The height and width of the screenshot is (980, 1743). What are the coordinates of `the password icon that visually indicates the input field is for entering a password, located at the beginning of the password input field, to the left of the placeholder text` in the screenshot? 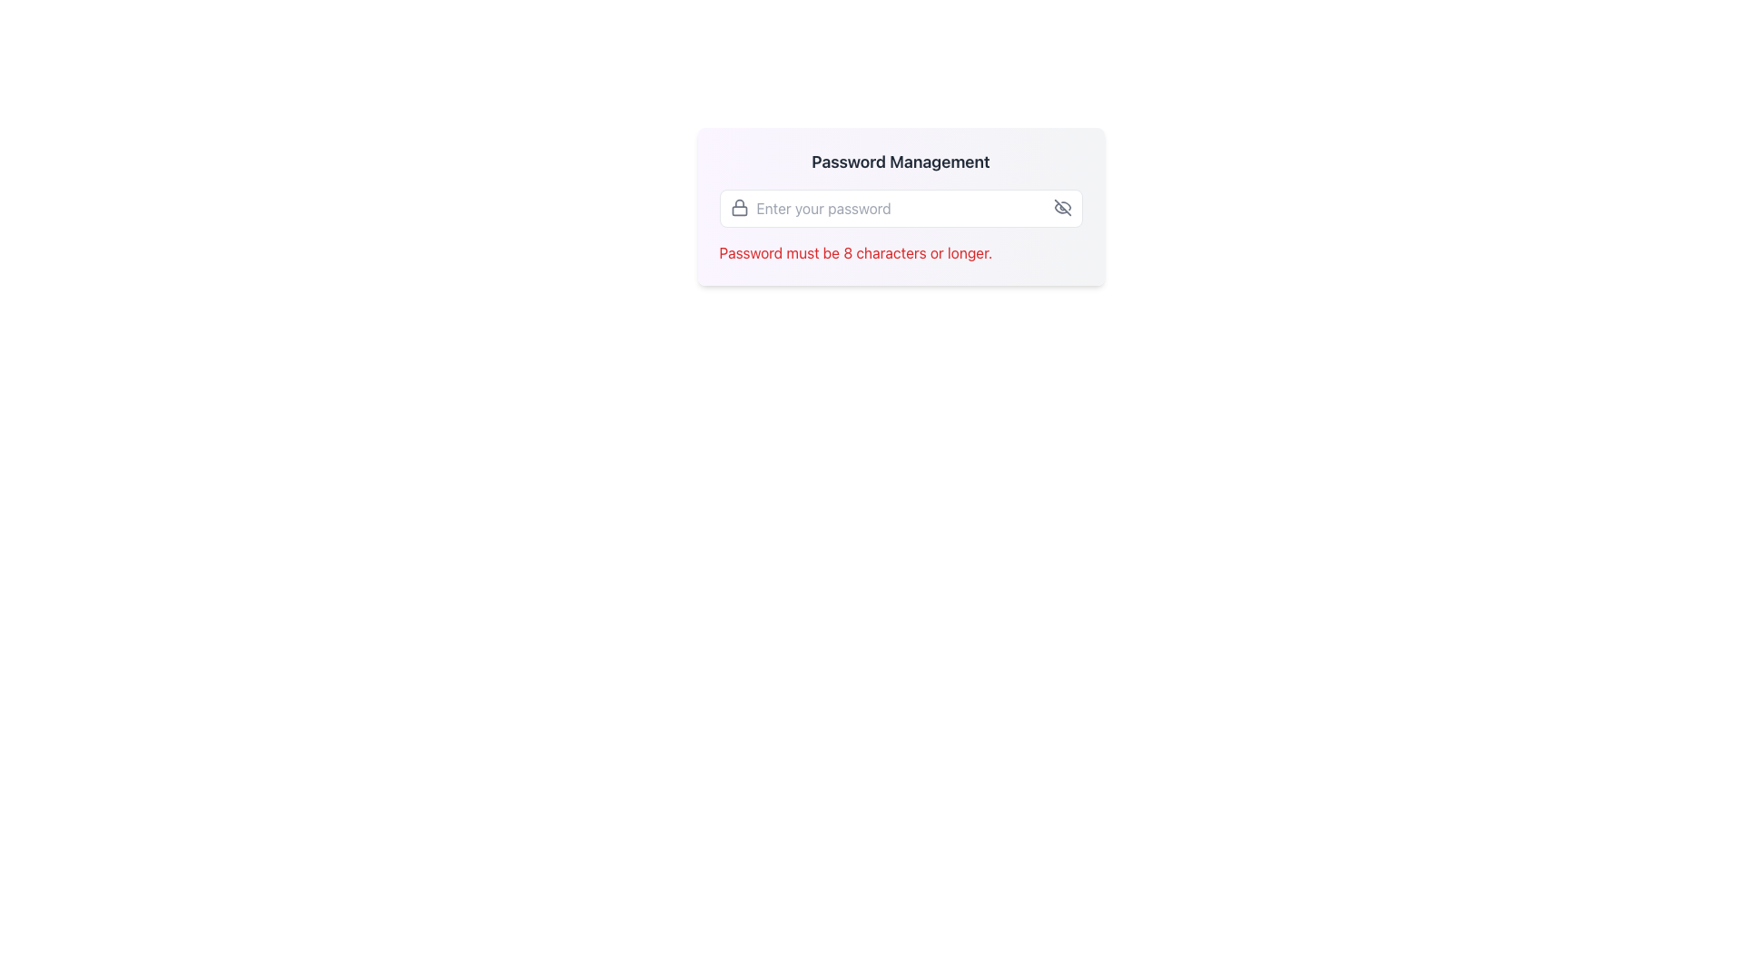 It's located at (739, 206).